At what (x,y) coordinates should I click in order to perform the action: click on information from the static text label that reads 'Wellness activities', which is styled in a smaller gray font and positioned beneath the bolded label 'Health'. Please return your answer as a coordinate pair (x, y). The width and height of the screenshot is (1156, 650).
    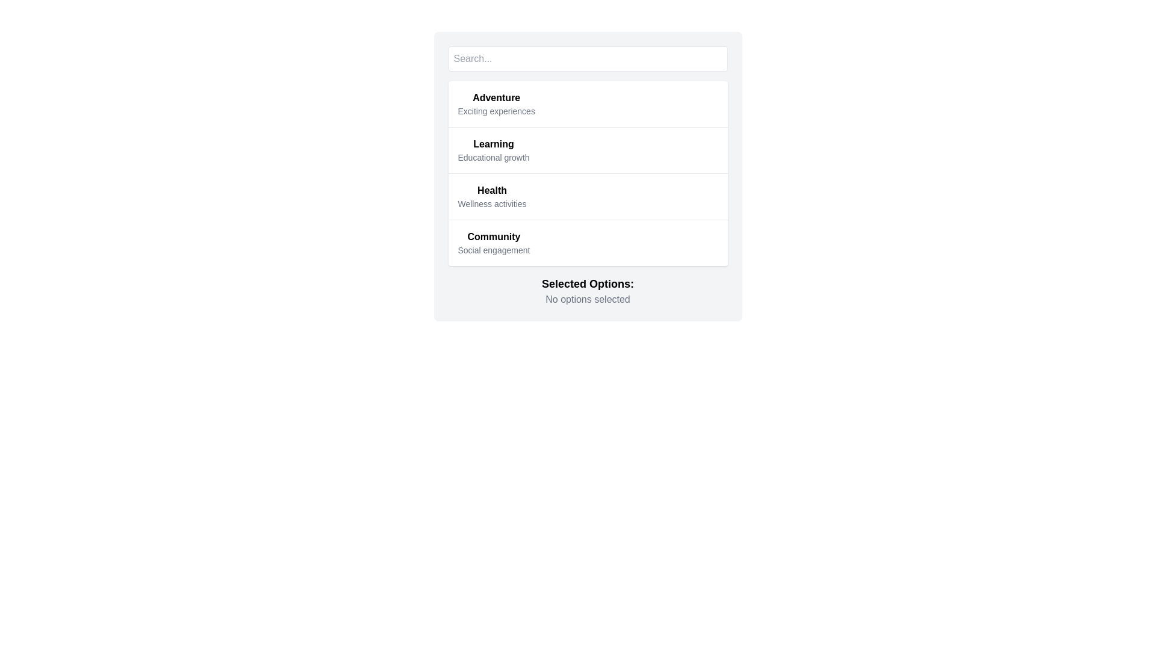
    Looking at the image, I should click on (492, 203).